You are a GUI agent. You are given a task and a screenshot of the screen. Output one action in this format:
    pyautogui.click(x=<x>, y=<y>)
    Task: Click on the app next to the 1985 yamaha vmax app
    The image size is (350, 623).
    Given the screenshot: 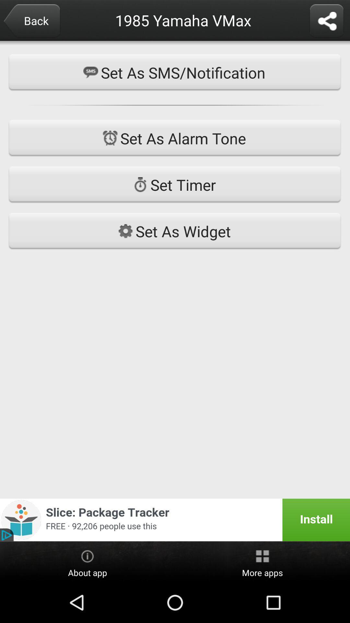 What is the action you would take?
    pyautogui.click(x=31, y=21)
    